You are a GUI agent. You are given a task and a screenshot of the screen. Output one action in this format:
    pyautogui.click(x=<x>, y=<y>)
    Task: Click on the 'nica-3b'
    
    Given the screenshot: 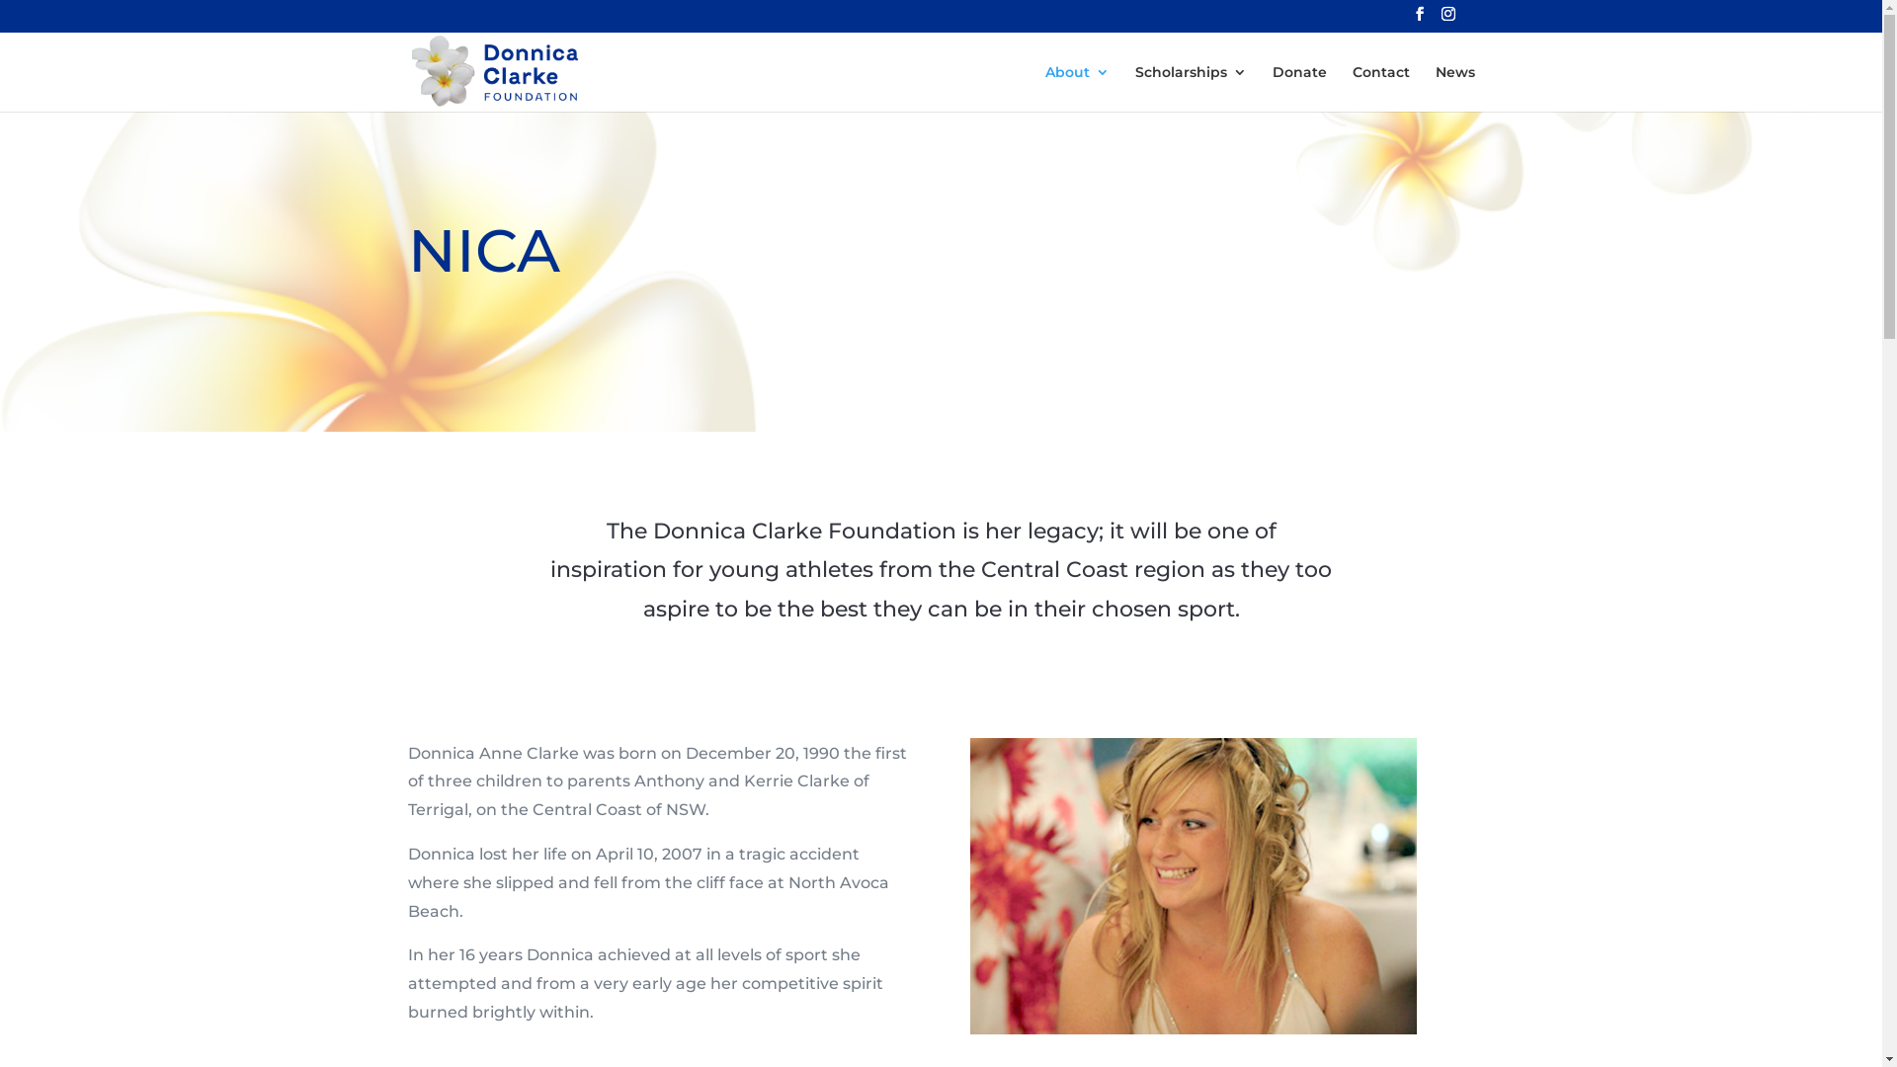 What is the action you would take?
    pyautogui.click(x=1193, y=885)
    